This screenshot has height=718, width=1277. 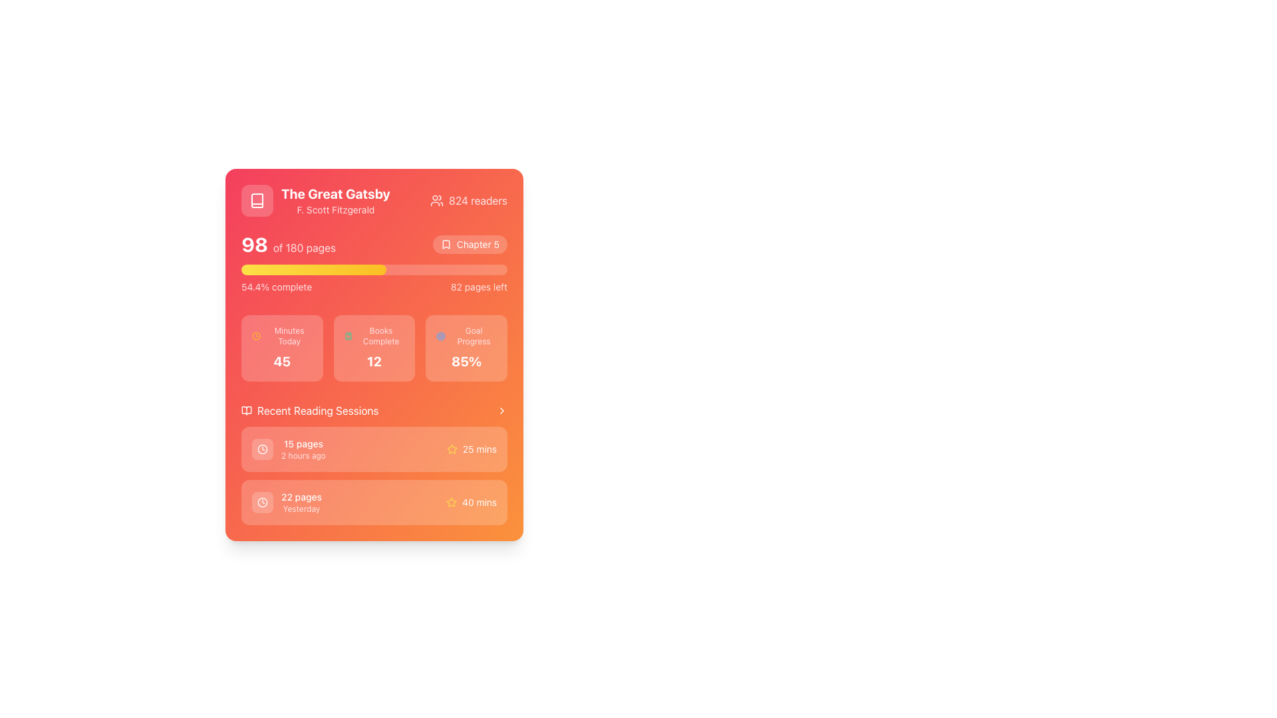 I want to click on the Button-like label with icon and text indicating the currently active chapter, located in the upper-right of the card interface, next to '98 of 180 pages', so click(x=470, y=244).